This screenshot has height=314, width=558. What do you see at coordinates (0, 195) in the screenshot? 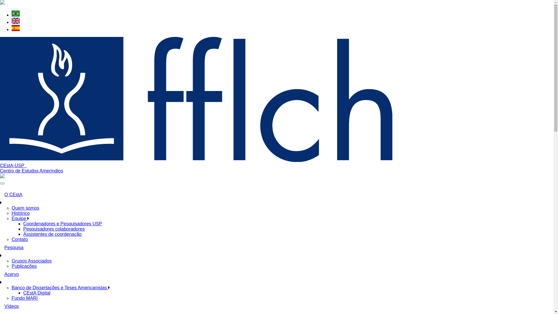
I see `'O CEstA'` at bounding box center [0, 195].